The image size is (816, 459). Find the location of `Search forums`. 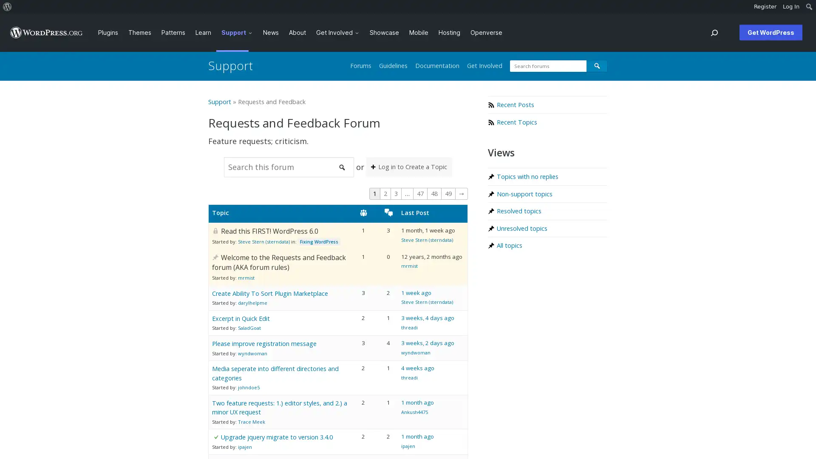

Search forums is located at coordinates (597, 65).